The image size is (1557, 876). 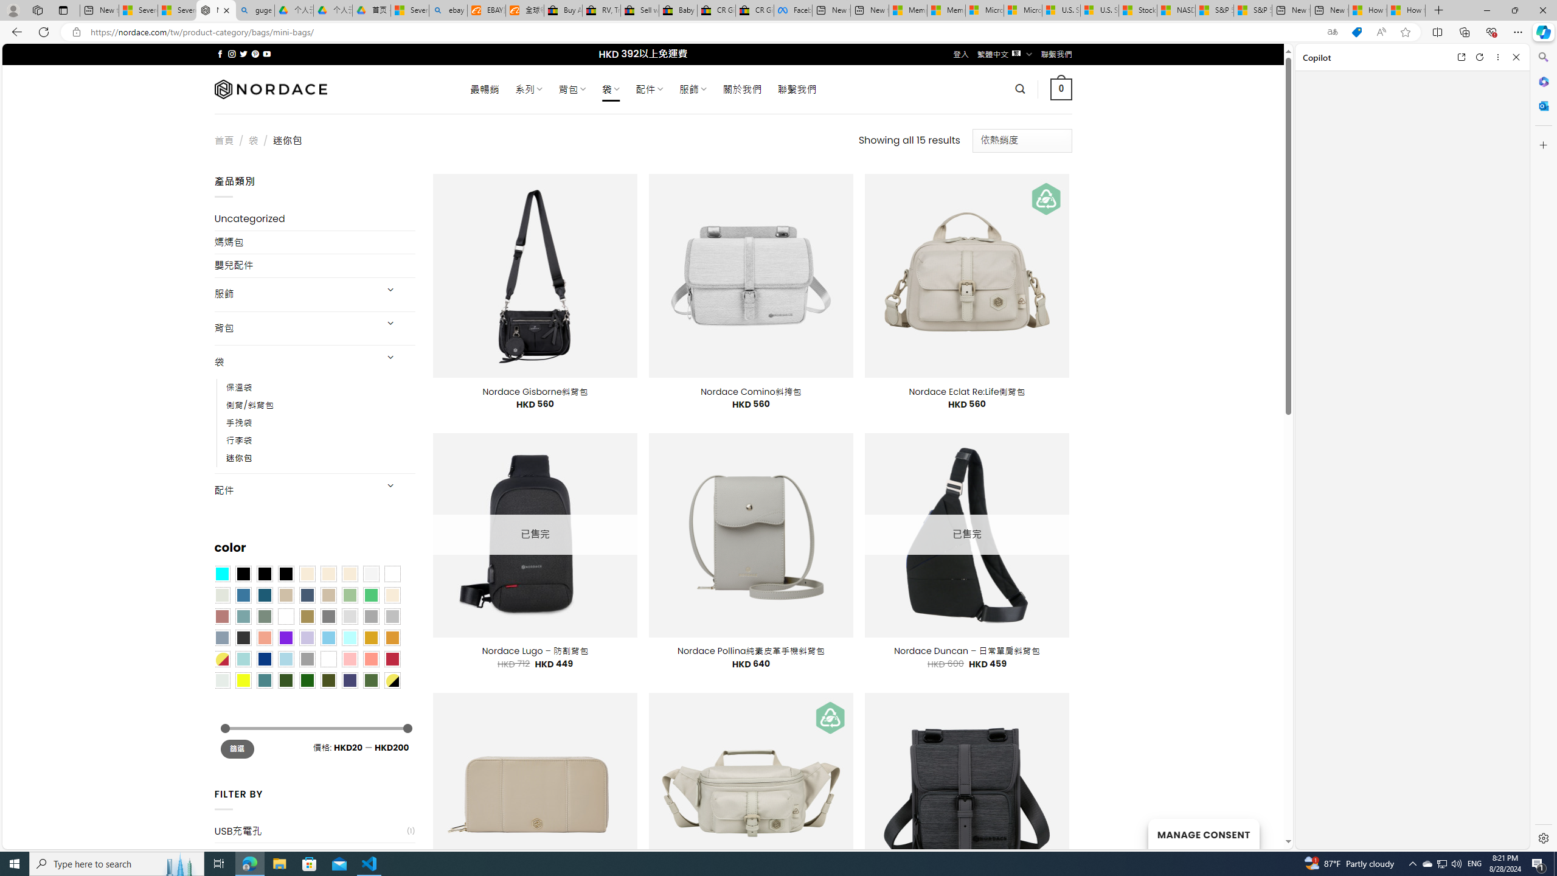 What do you see at coordinates (1460, 57) in the screenshot?
I see `'Open link in new tab'` at bounding box center [1460, 57].